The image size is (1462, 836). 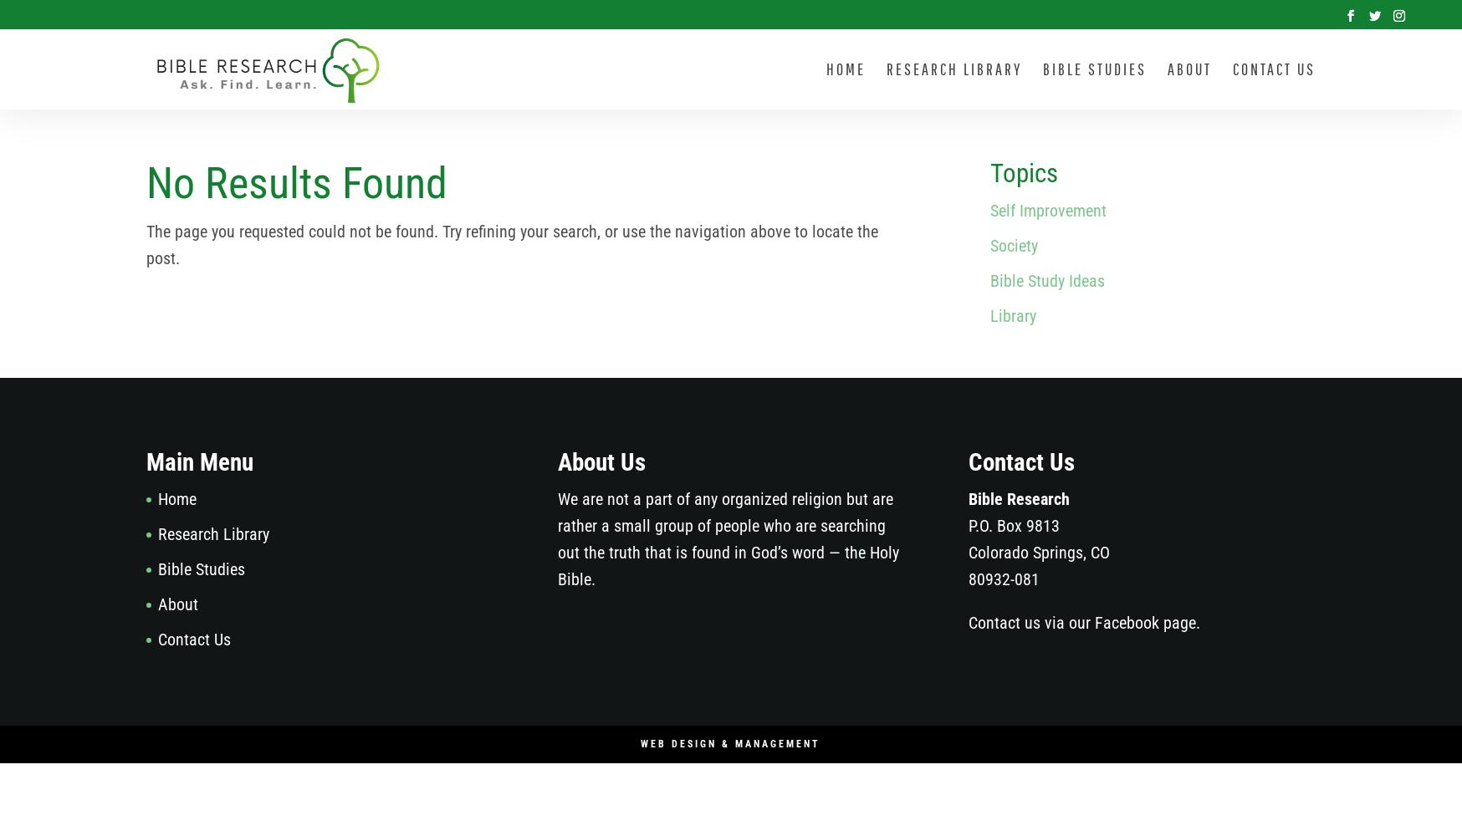 What do you see at coordinates (556, 538) in the screenshot?
I see `'We are not a part of any organized religion but are rather a small group of people who are searching out the truth that is found in God’s word — the Holy Bible.'` at bounding box center [556, 538].